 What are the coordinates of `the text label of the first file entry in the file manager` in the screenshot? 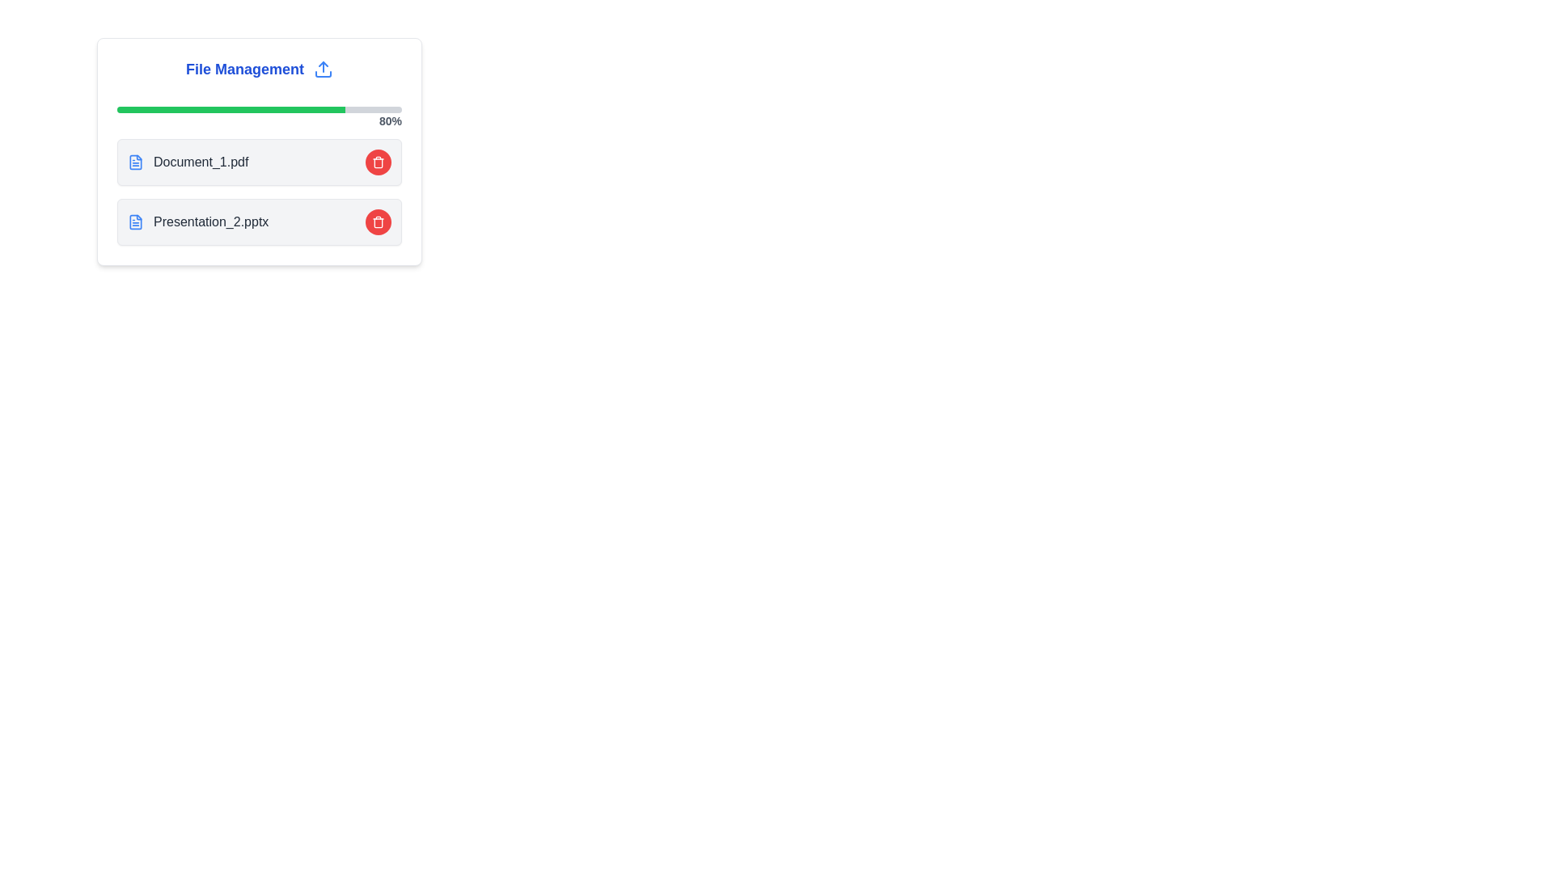 It's located at (200, 162).